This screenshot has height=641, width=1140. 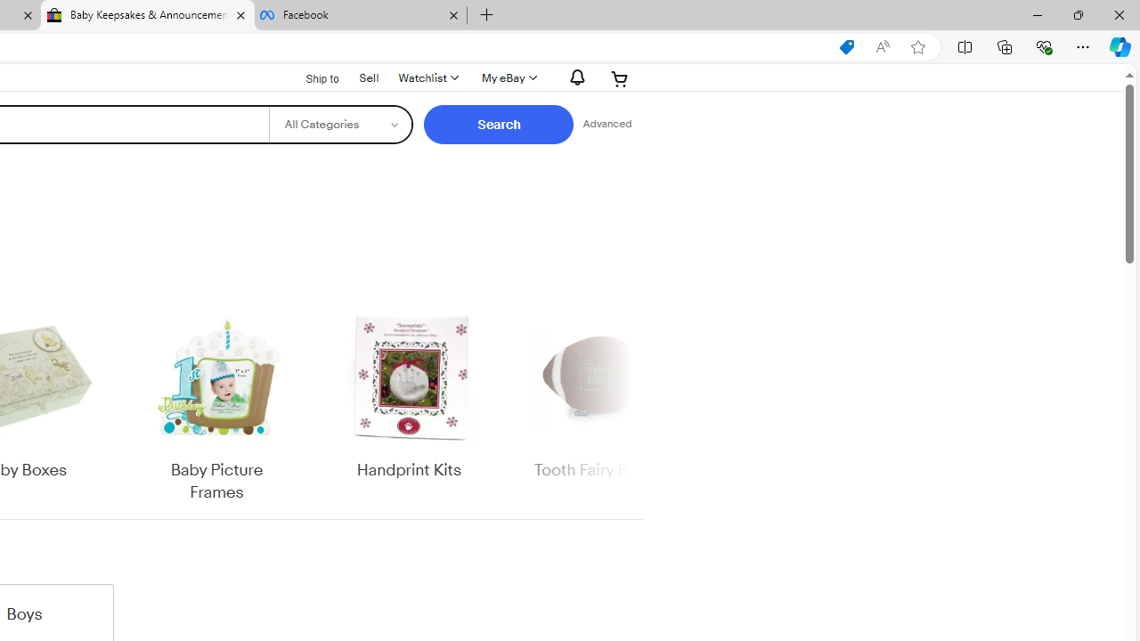 What do you see at coordinates (368, 76) in the screenshot?
I see `'Sell'` at bounding box center [368, 76].